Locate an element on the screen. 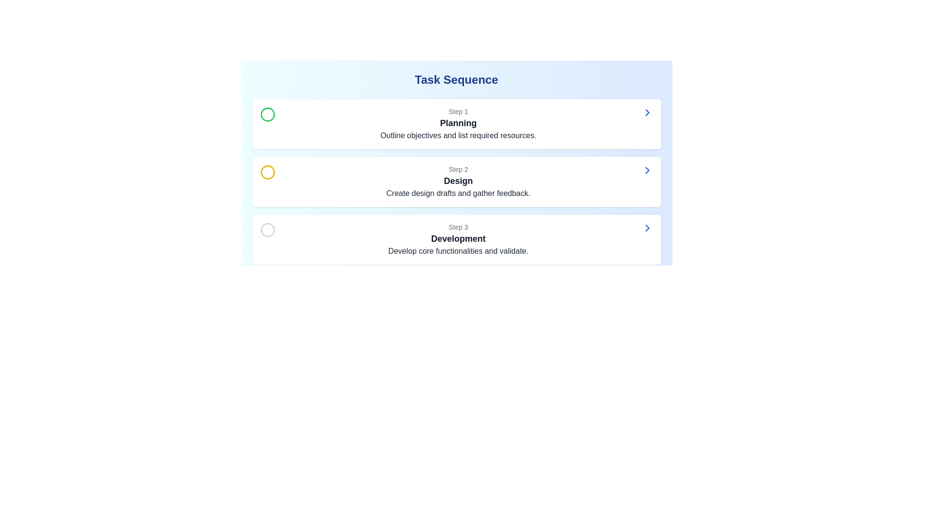 The width and height of the screenshot is (925, 520). the circular indicator that denotes the completion or current focus on the first step is located at coordinates (267, 114).